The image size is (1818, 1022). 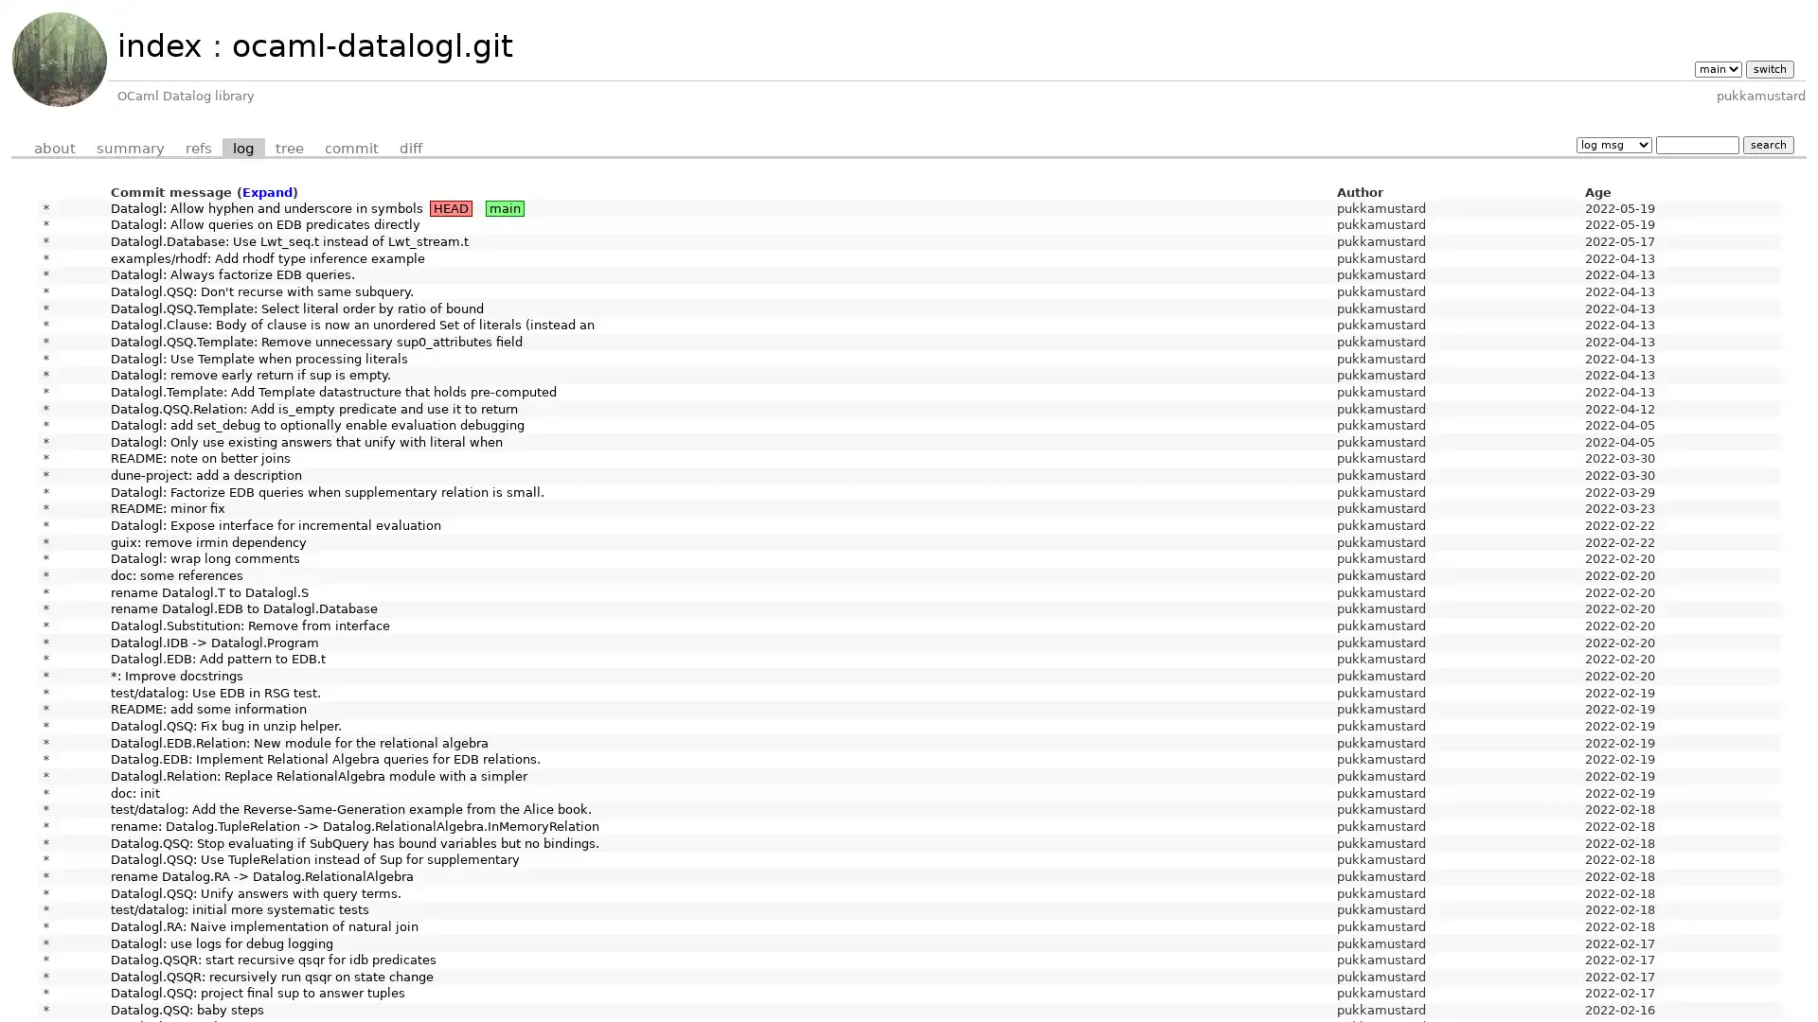 What do you see at coordinates (1768, 68) in the screenshot?
I see `switch` at bounding box center [1768, 68].